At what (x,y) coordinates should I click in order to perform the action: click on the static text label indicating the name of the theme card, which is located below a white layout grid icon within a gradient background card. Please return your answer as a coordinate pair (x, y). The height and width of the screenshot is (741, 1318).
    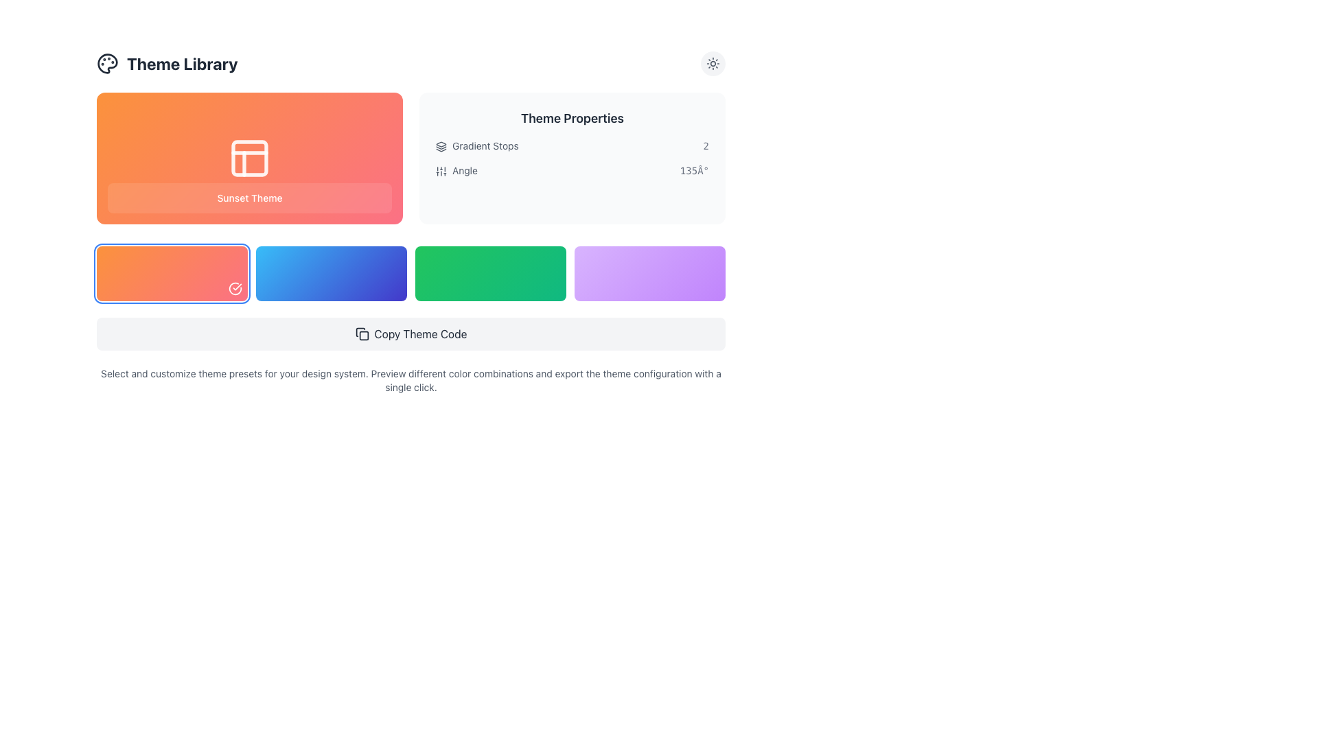
    Looking at the image, I should click on (250, 198).